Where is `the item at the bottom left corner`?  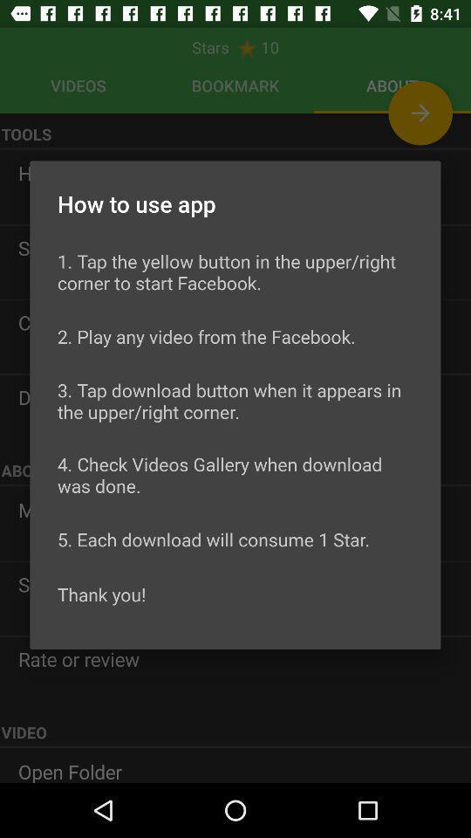 the item at the bottom left corner is located at coordinates (101, 594).